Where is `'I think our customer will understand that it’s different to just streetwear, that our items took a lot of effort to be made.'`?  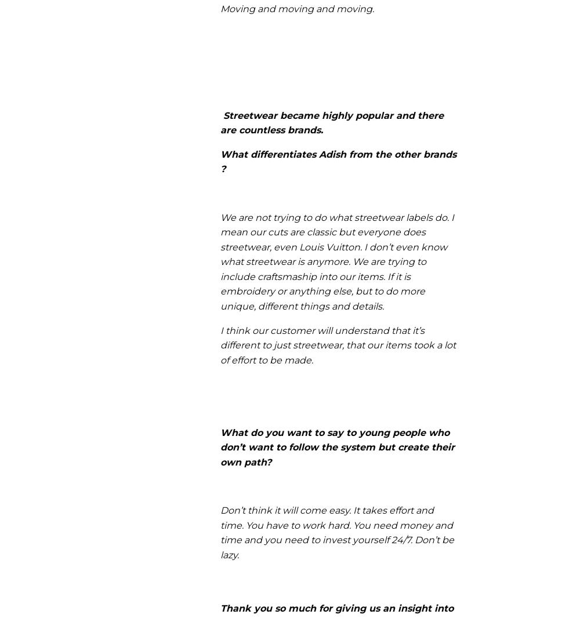 'I think our customer will understand that it’s different to just streetwear, that our items took a lot of effort to be made.' is located at coordinates (338, 344).